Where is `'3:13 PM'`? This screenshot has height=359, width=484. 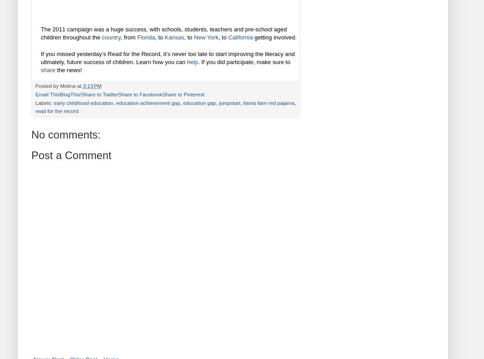 '3:13 PM' is located at coordinates (91, 85).